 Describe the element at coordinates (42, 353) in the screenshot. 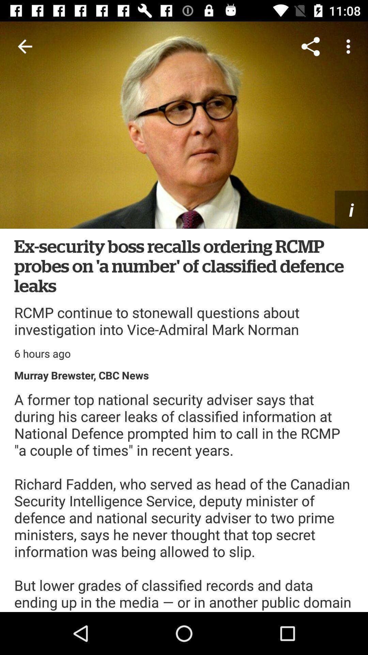

I see `the 6 hours ago` at that location.